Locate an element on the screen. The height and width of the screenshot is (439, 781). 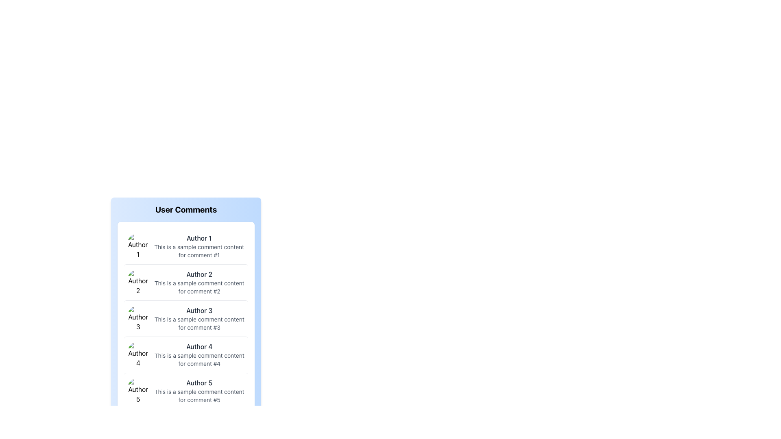
the image representing 'Author 5', located on the bottom-most row of user comments, next to the author's textual details is located at coordinates (138, 390).